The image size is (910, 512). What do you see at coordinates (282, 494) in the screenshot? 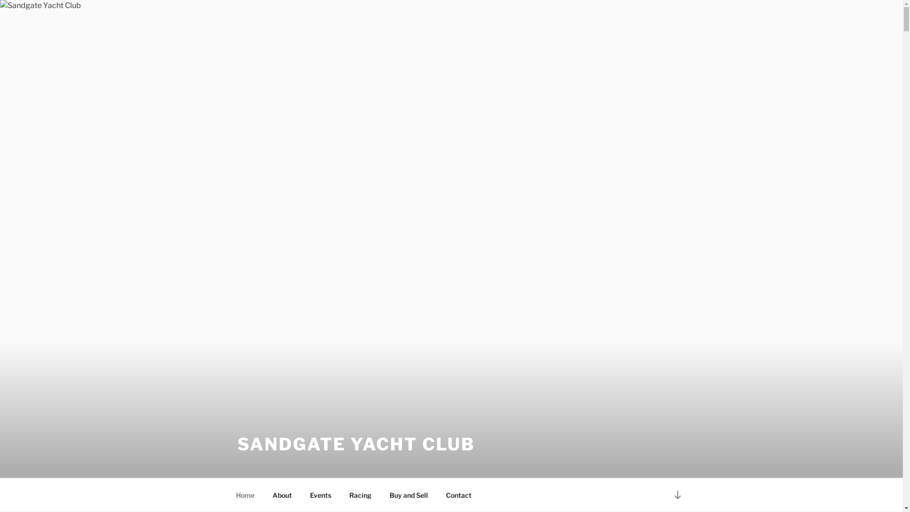
I see `'About'` at bounding box center [282, 494].